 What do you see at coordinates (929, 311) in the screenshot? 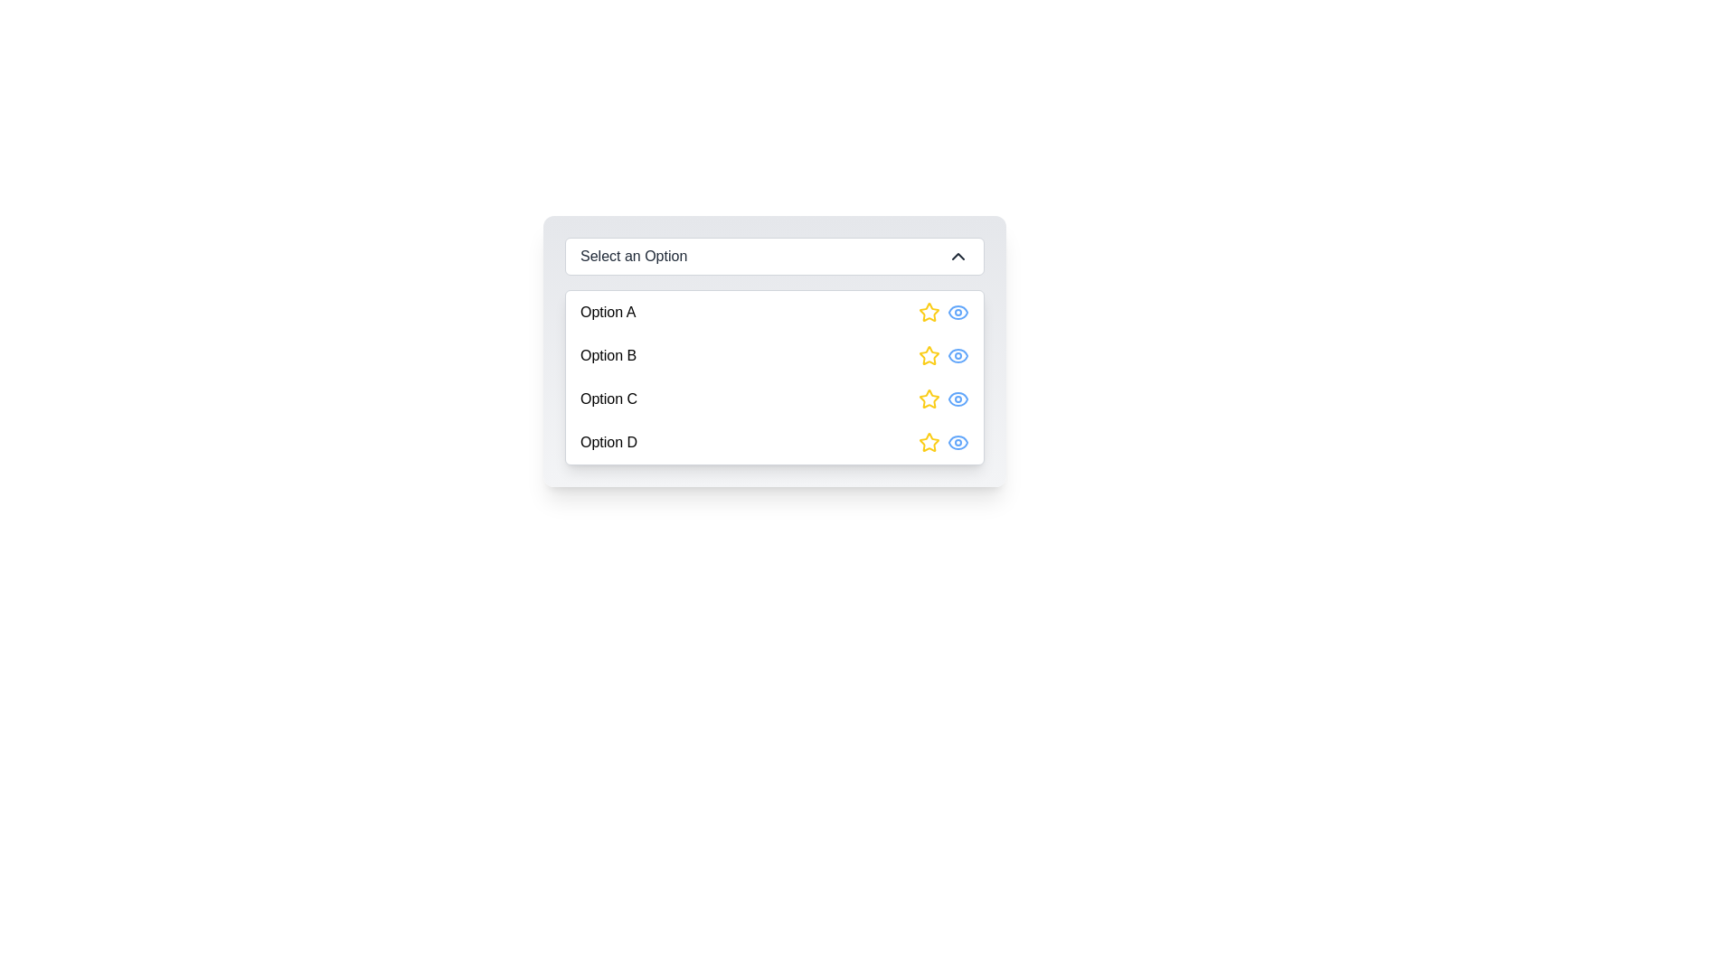
I see `the yellow star-shaped rating icon on the far-right of 'Option A'` at bounding box center [929, 311].